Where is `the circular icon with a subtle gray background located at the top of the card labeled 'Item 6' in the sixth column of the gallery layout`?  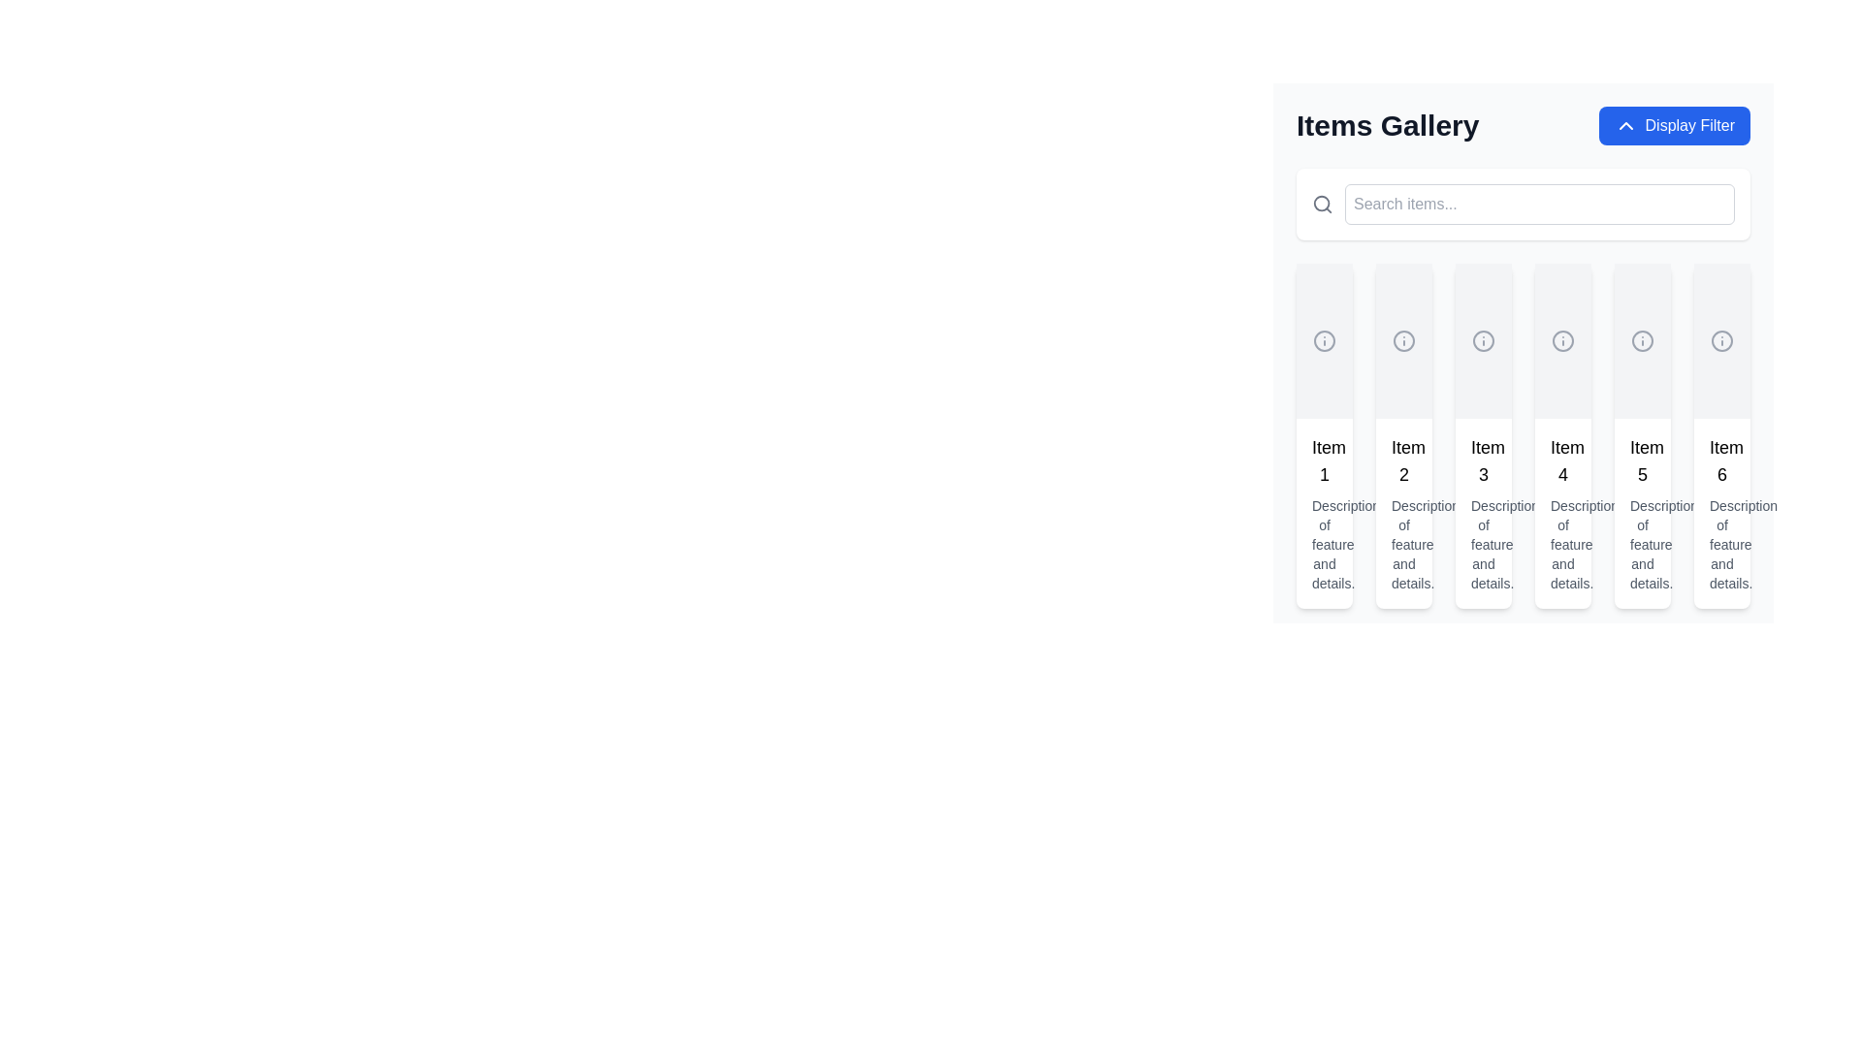 the circular icon with a subtle gray background located at the top of the card labeled 'Item 6' in the sixth column of the gallery layout is located at coordinates (1722, 339).